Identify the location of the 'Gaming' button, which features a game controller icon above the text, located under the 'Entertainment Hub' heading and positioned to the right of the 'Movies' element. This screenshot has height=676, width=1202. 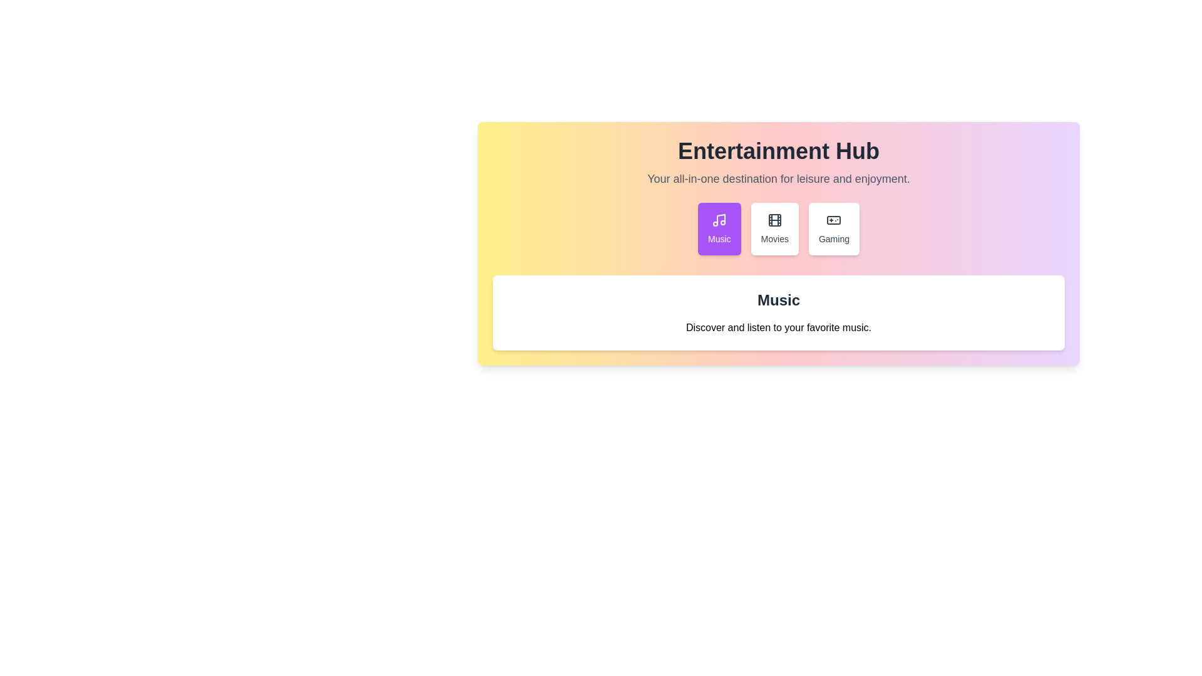
(834, 229).